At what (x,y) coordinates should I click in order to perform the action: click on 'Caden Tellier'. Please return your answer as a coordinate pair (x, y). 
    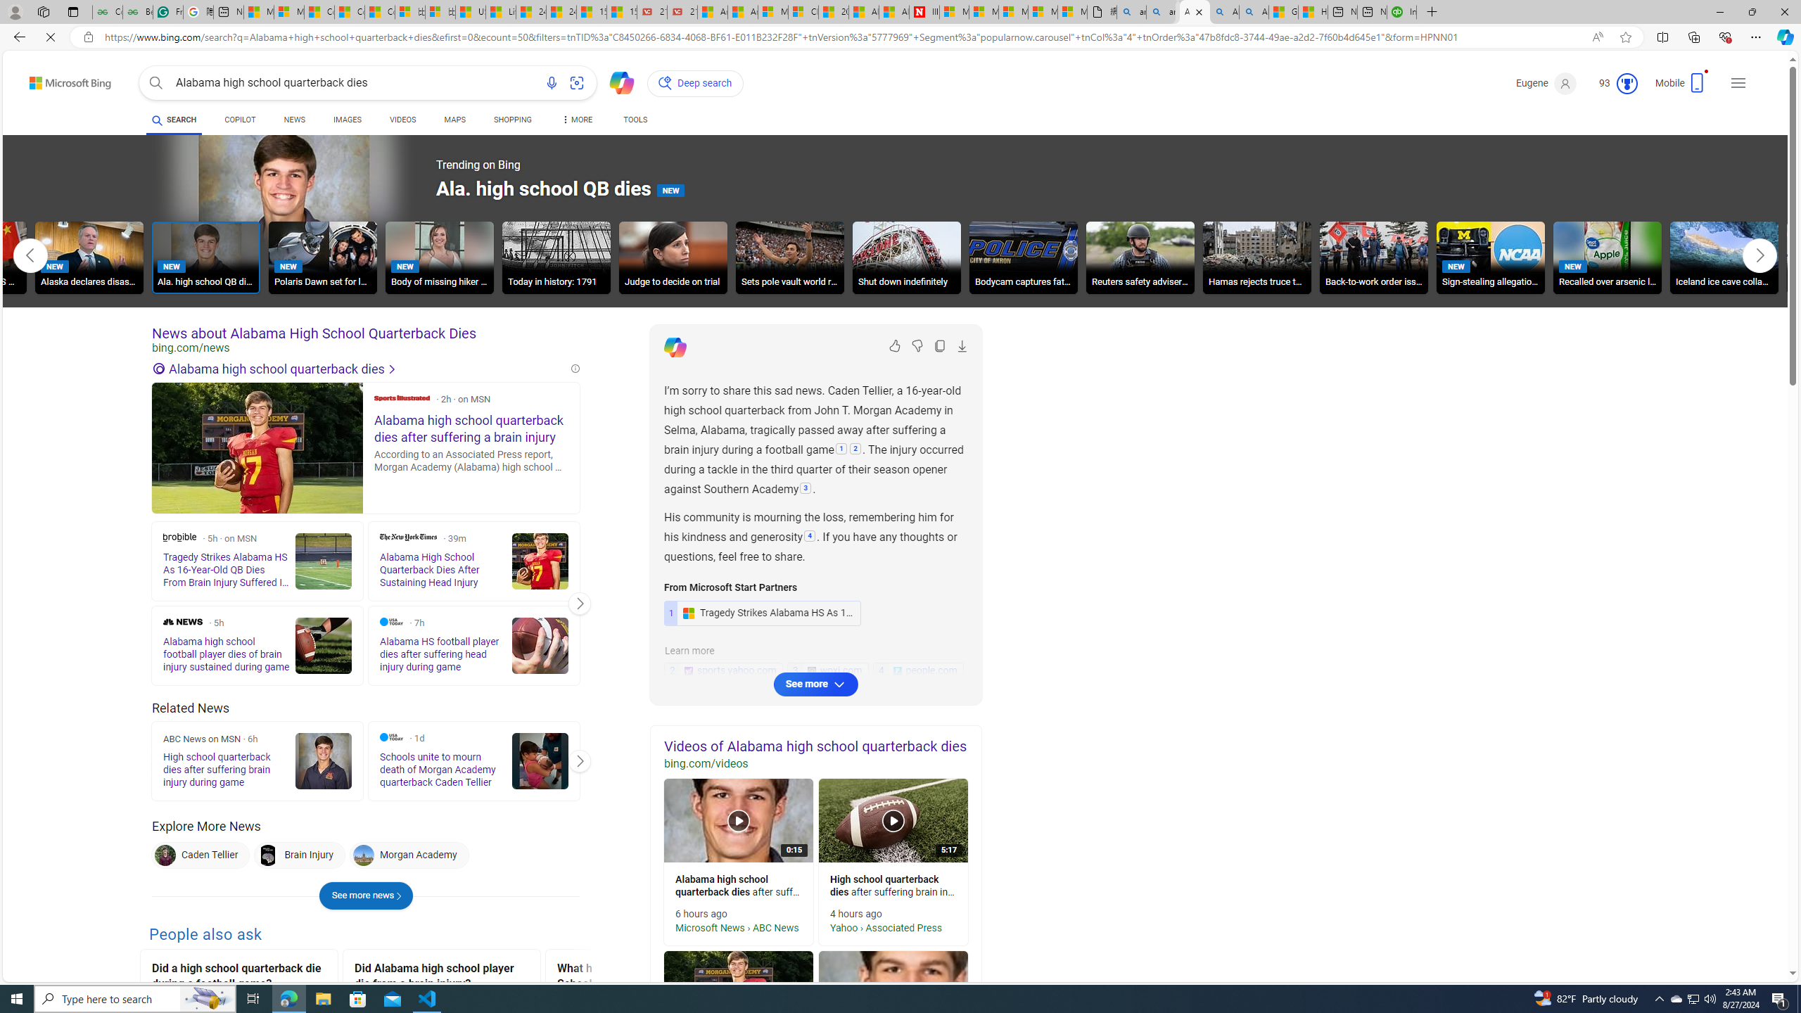
    Looking at the image, I should click on (165, 855).